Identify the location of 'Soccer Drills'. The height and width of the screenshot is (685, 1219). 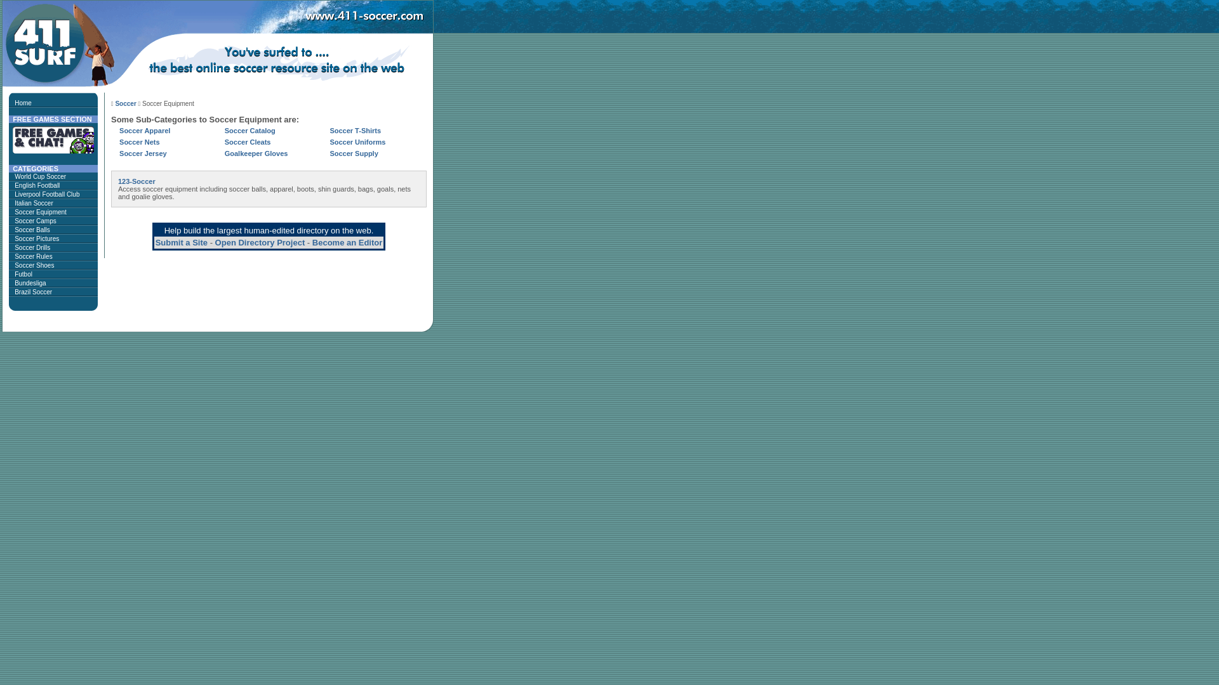
(15, 247).